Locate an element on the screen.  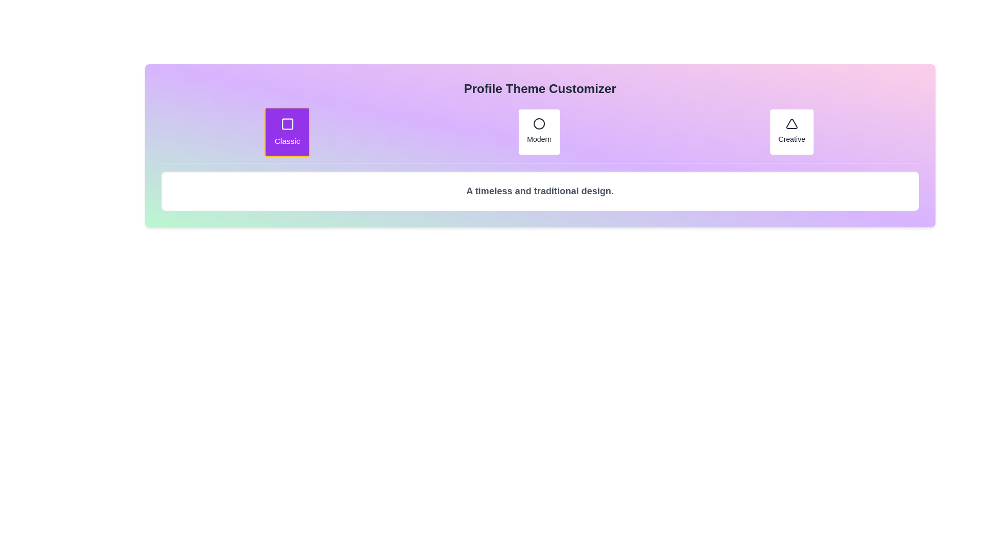
the triangle icon, which is a vector graphic styled with a simple outline and fill design, located in the top-right section of the interface is located at coordinates (791, 123).